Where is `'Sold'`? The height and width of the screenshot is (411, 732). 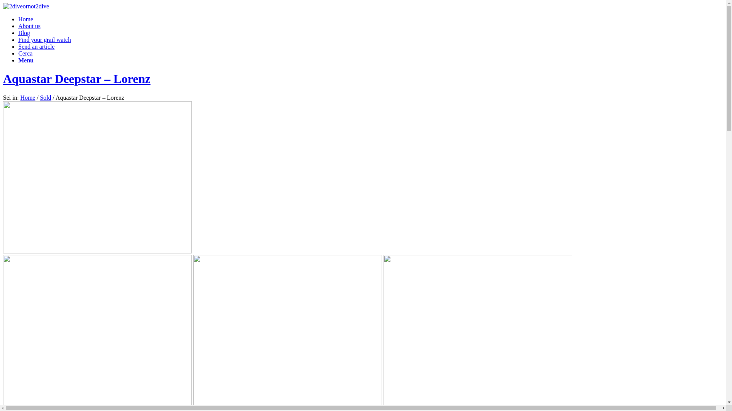
'Sold' is located at coordinates (45, 97).